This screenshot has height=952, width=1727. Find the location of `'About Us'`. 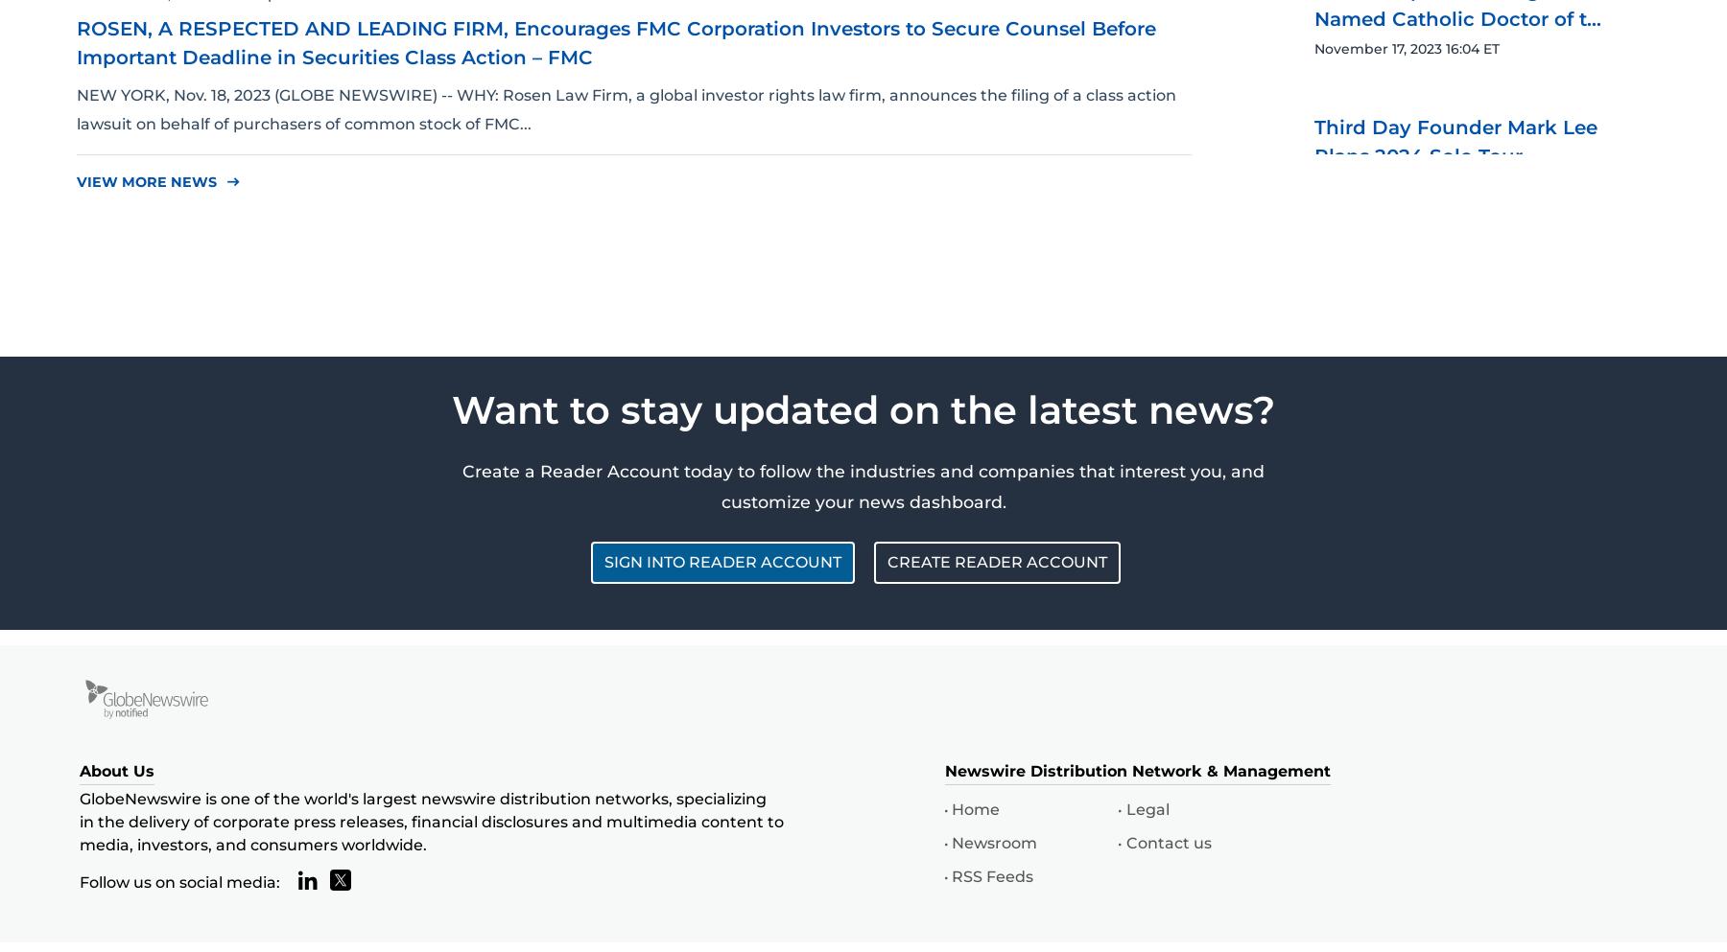

'About Us' is located at coordinates (117, 771).